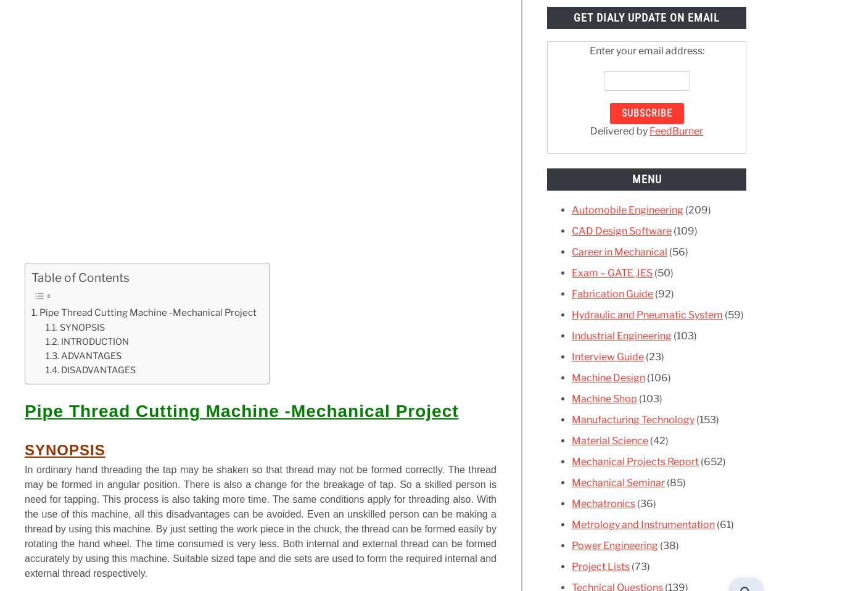 The height and width of the screenshot is (591, 845). What do you see at coordinates (662, 293) in the screenshot?
I see `'(92)'` at bounding box center [662, 293].